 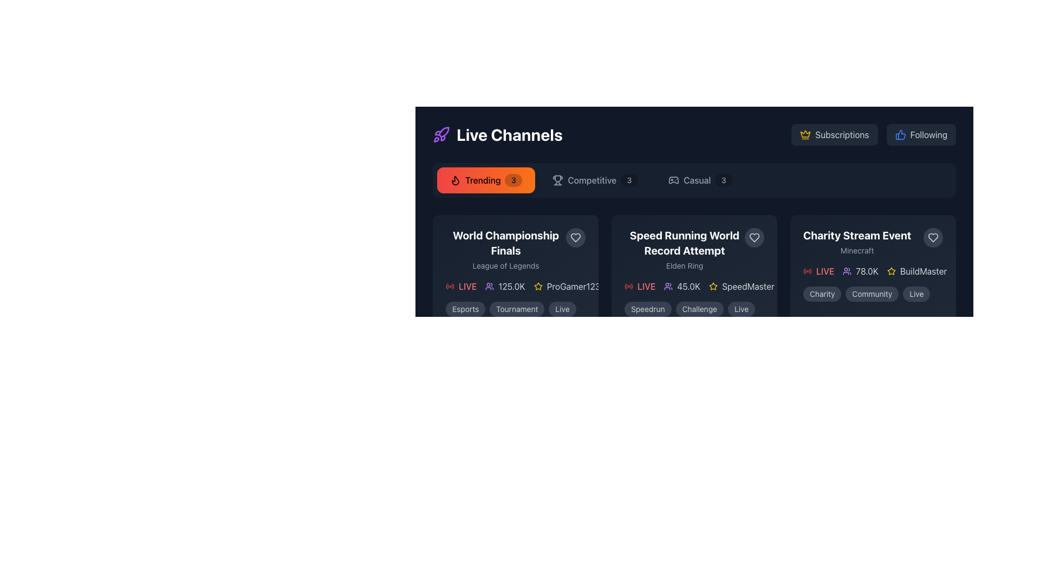 I want to click on the star icon with a yellow outline located to the left of the username 'ProGamer123' in the 'World Championship Finals' section of the 'Live Channels' interface, so click(x=538, y=285).